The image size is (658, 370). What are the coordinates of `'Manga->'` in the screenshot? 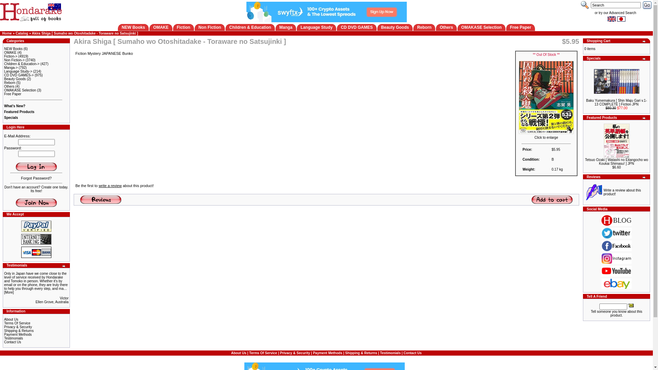 It's located at (4, 67).